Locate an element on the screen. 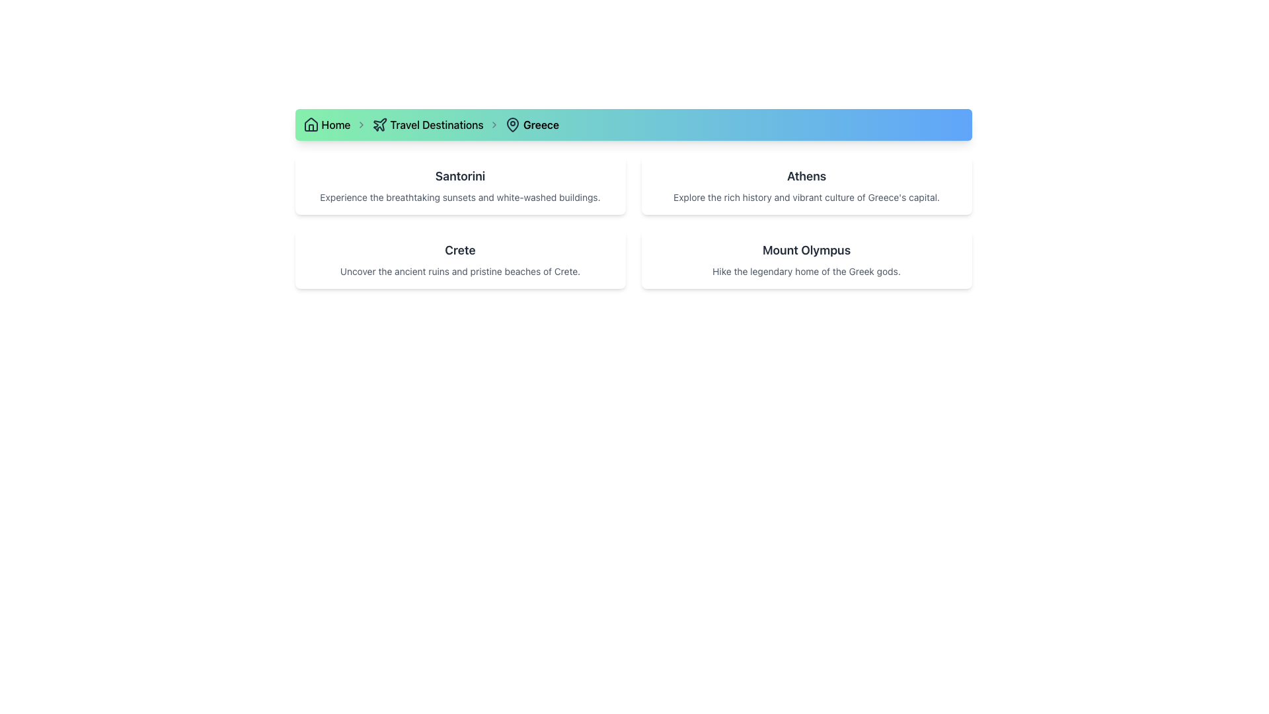  information displayed in the Text Label that states 'Hike the legendary home of the Greek gods.' located below the title 'Mount Olympus' in the content card is located at coordinates (806, 271).